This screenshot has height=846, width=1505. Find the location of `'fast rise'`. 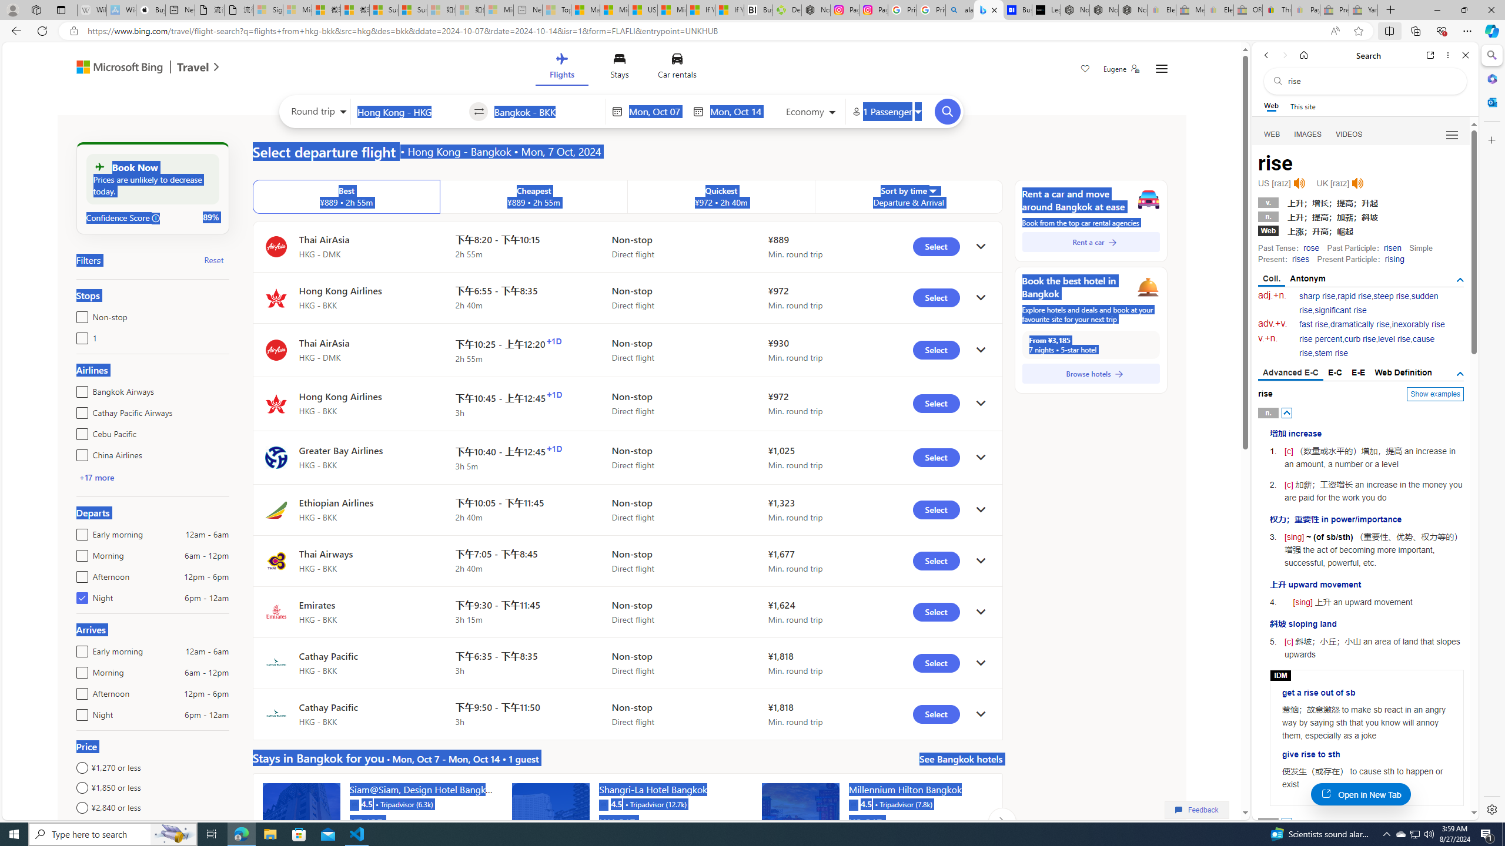

'fast rise' is located at coordinates (1313, 324).